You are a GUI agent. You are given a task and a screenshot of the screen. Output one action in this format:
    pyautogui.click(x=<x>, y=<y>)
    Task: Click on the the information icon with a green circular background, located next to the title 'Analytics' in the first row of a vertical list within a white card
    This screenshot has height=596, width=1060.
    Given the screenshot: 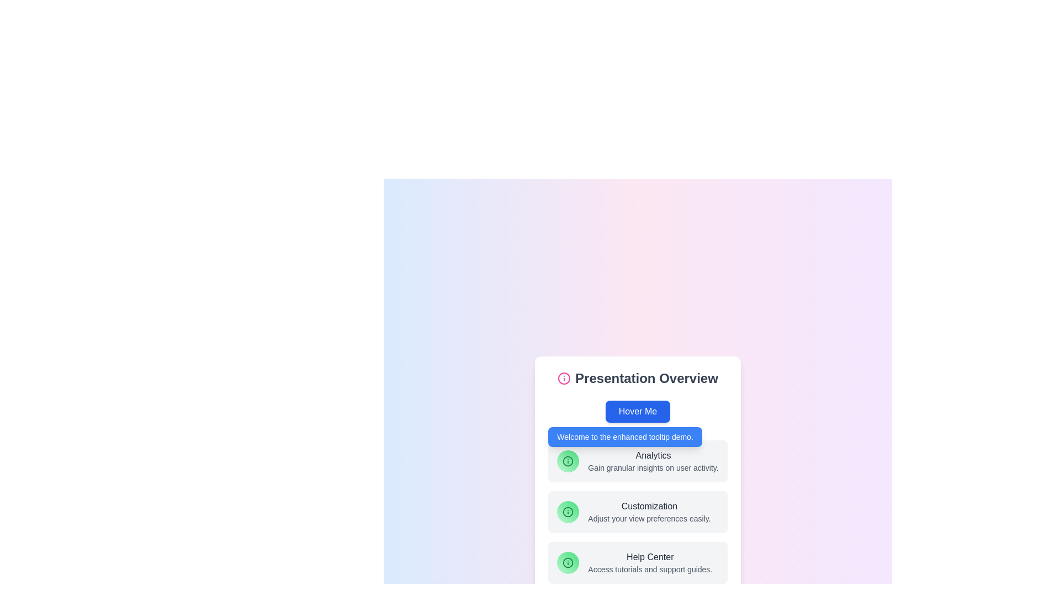 What is the action you would take?
    pyautogui.click(x=568, y=461)
    